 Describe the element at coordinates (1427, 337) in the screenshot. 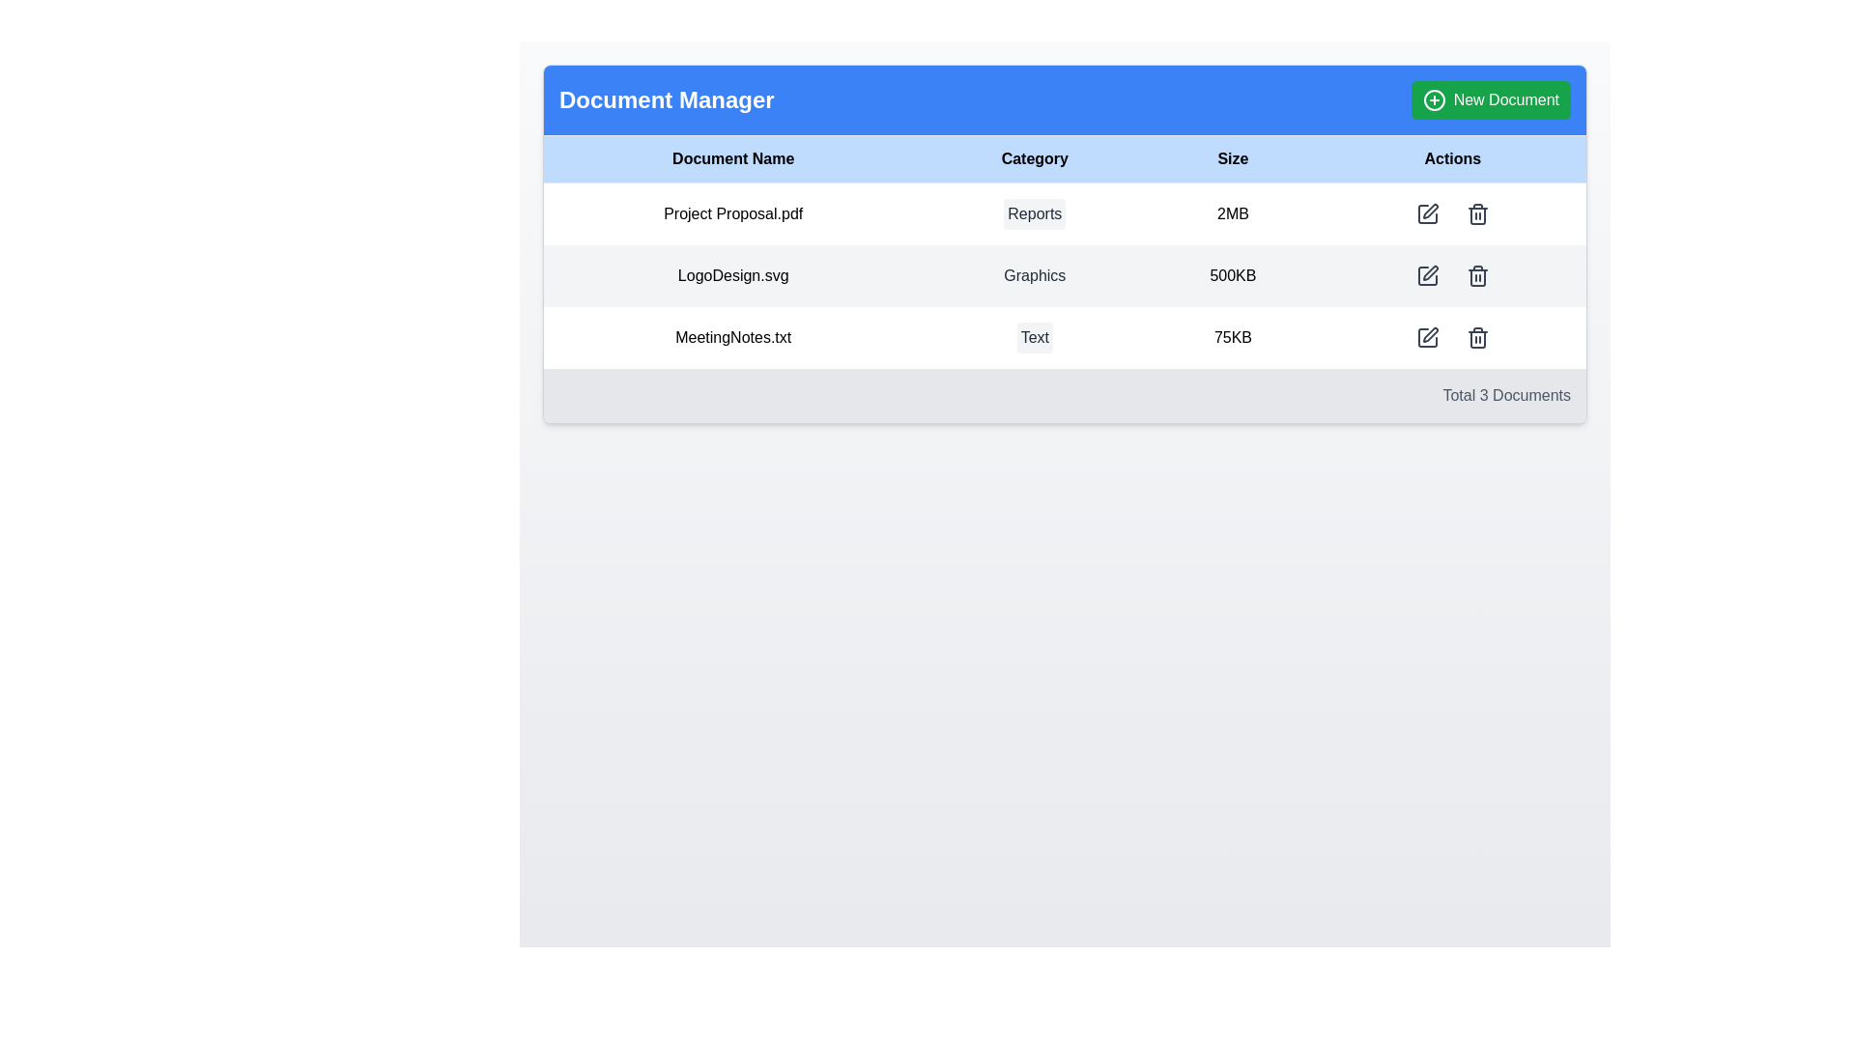

I see `the leftmost icon in the last row of the 'Actions' column to enter edit mode for the associated item` at that location.